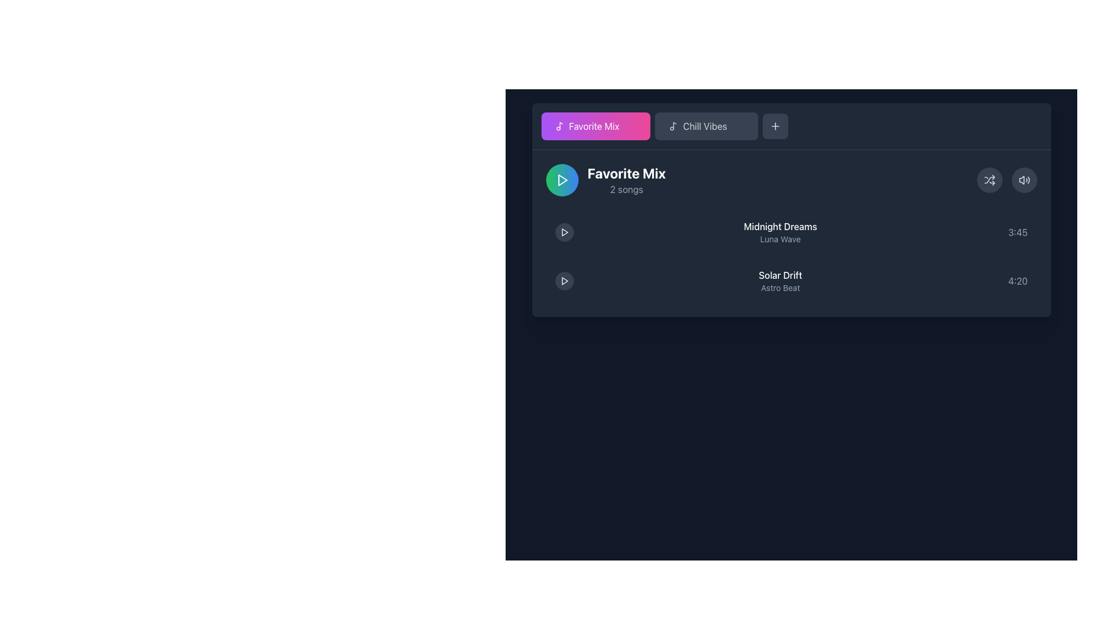 The width and height of the screenshot is (1112, 626). Describe the element at coordinates (989, 180) in the screenshot. I see `the shuffle icon button located at the top-right side of the interface` at that location.